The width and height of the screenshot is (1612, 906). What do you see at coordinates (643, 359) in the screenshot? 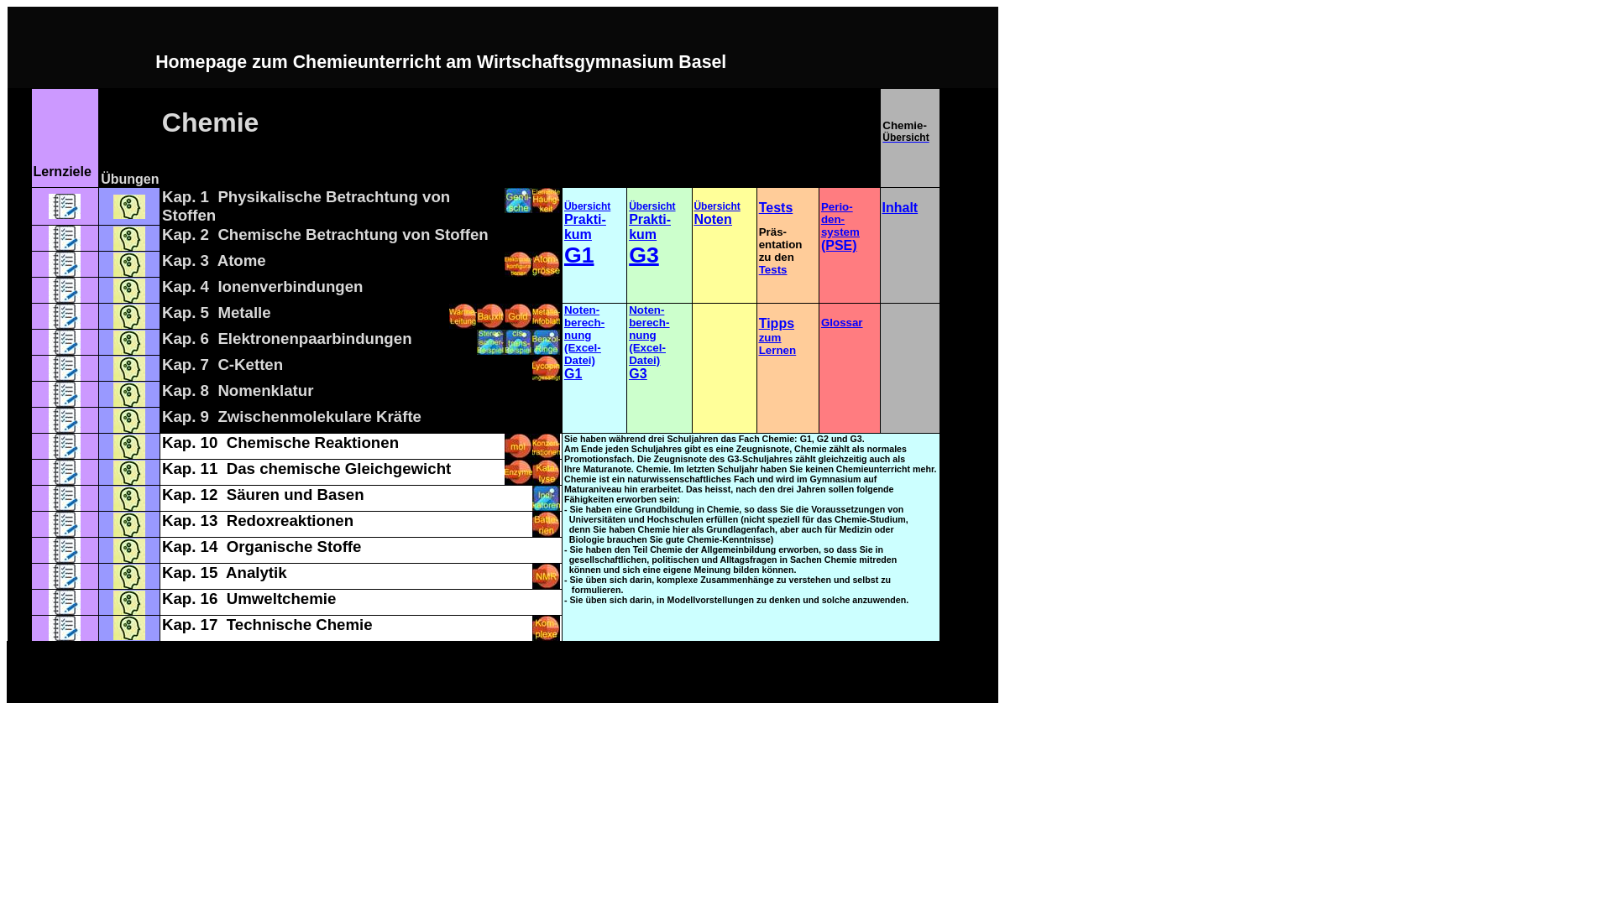
I see `'Datei)'` at bounding box center [643, 359].